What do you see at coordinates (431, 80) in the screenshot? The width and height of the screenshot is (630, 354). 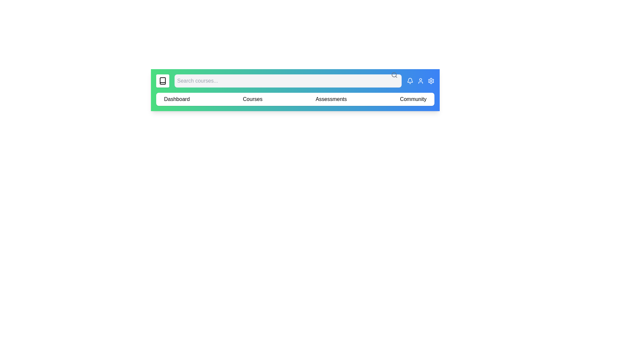 I see `the settings icon` at bounding box center [431, 80].